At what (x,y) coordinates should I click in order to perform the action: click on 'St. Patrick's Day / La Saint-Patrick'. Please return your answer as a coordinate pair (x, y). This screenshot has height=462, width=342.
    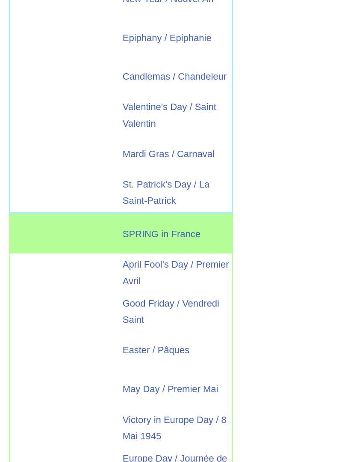
    Looking at the image, I should click on (165, 192).